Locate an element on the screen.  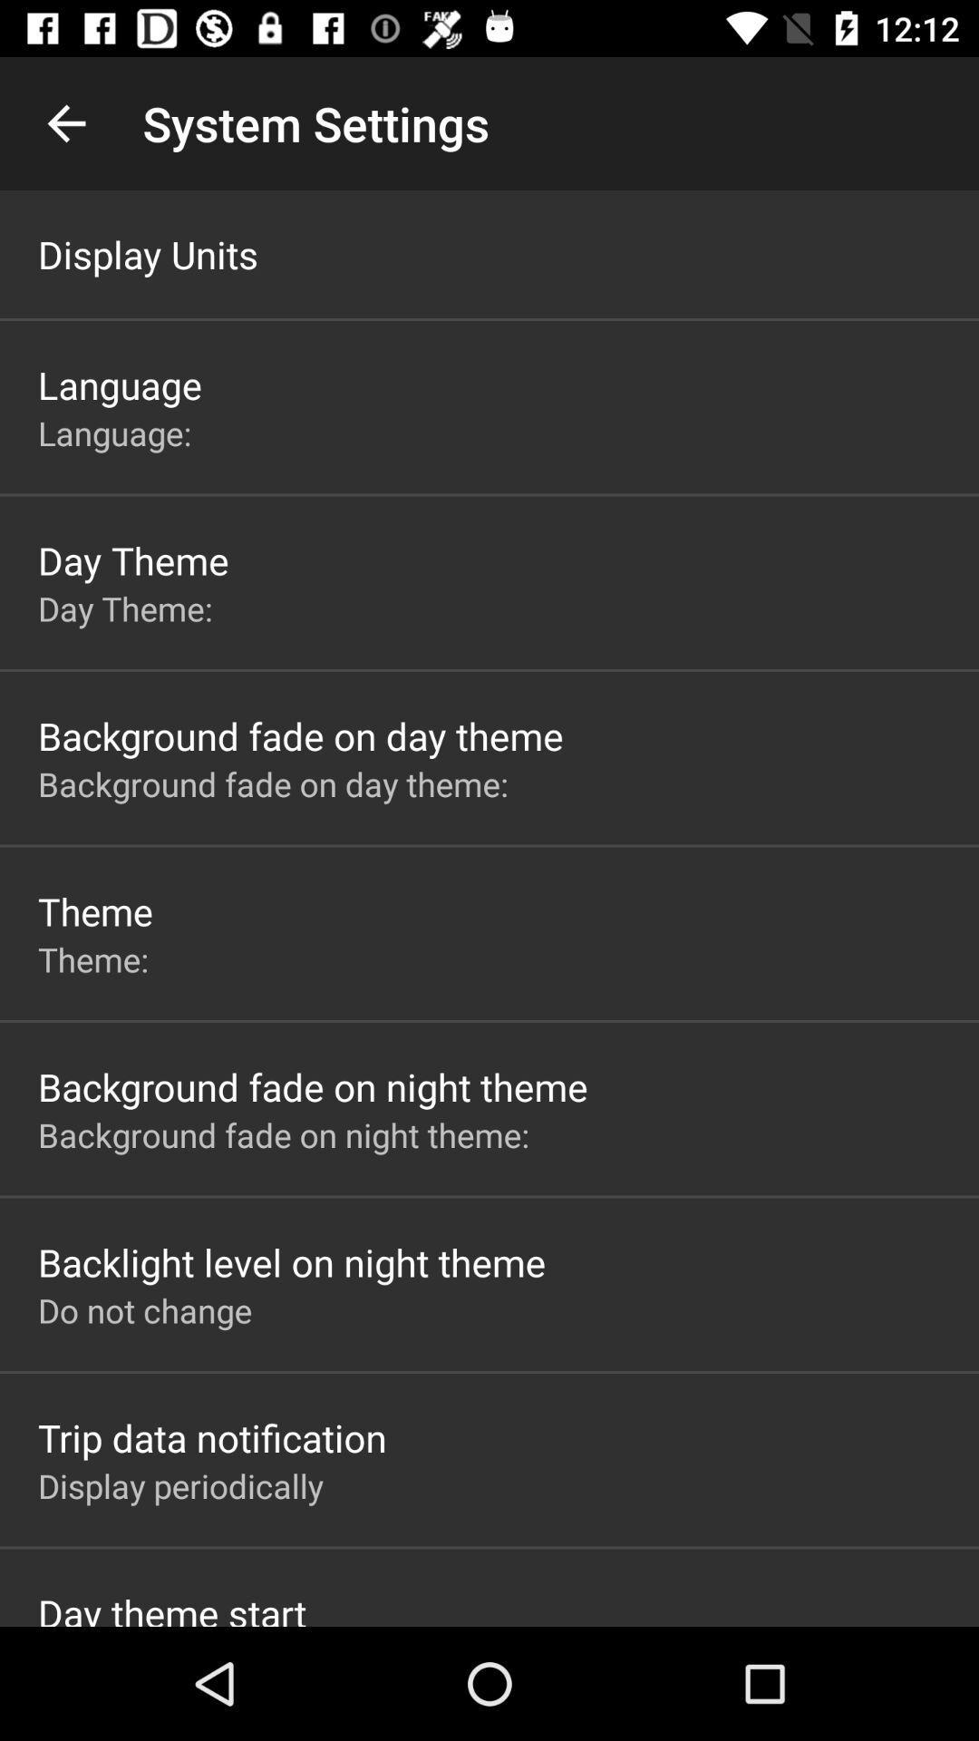
display units is located at coordinates (147, 253).